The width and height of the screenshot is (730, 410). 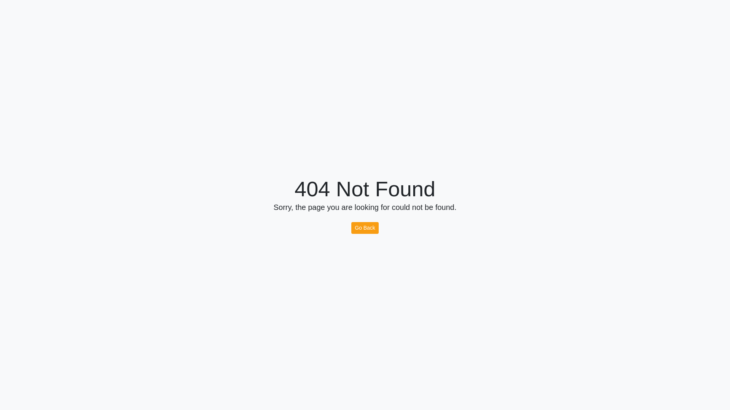 I want to click on 'Go Back', so click(x=351, y=227).